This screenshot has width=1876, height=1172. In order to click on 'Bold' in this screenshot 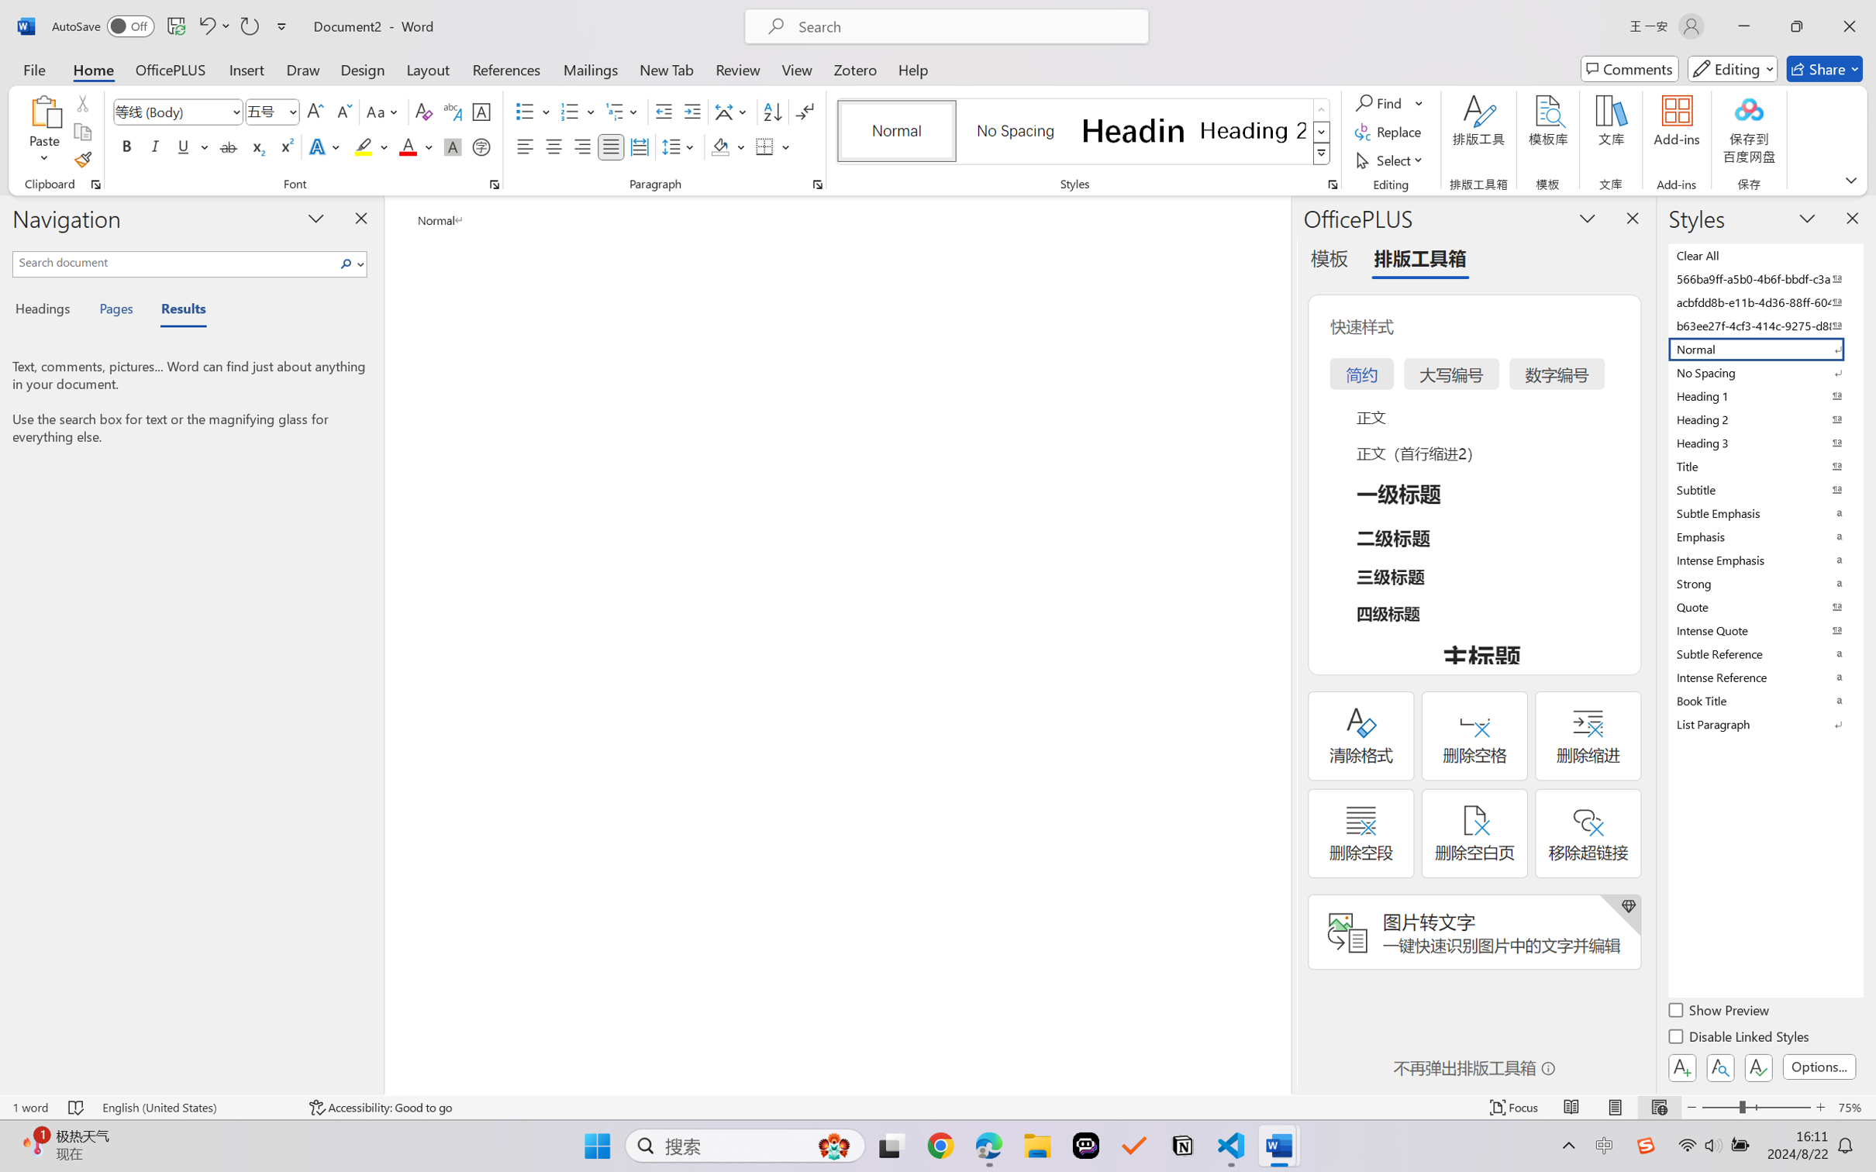, I will do `click(127, 146)`.